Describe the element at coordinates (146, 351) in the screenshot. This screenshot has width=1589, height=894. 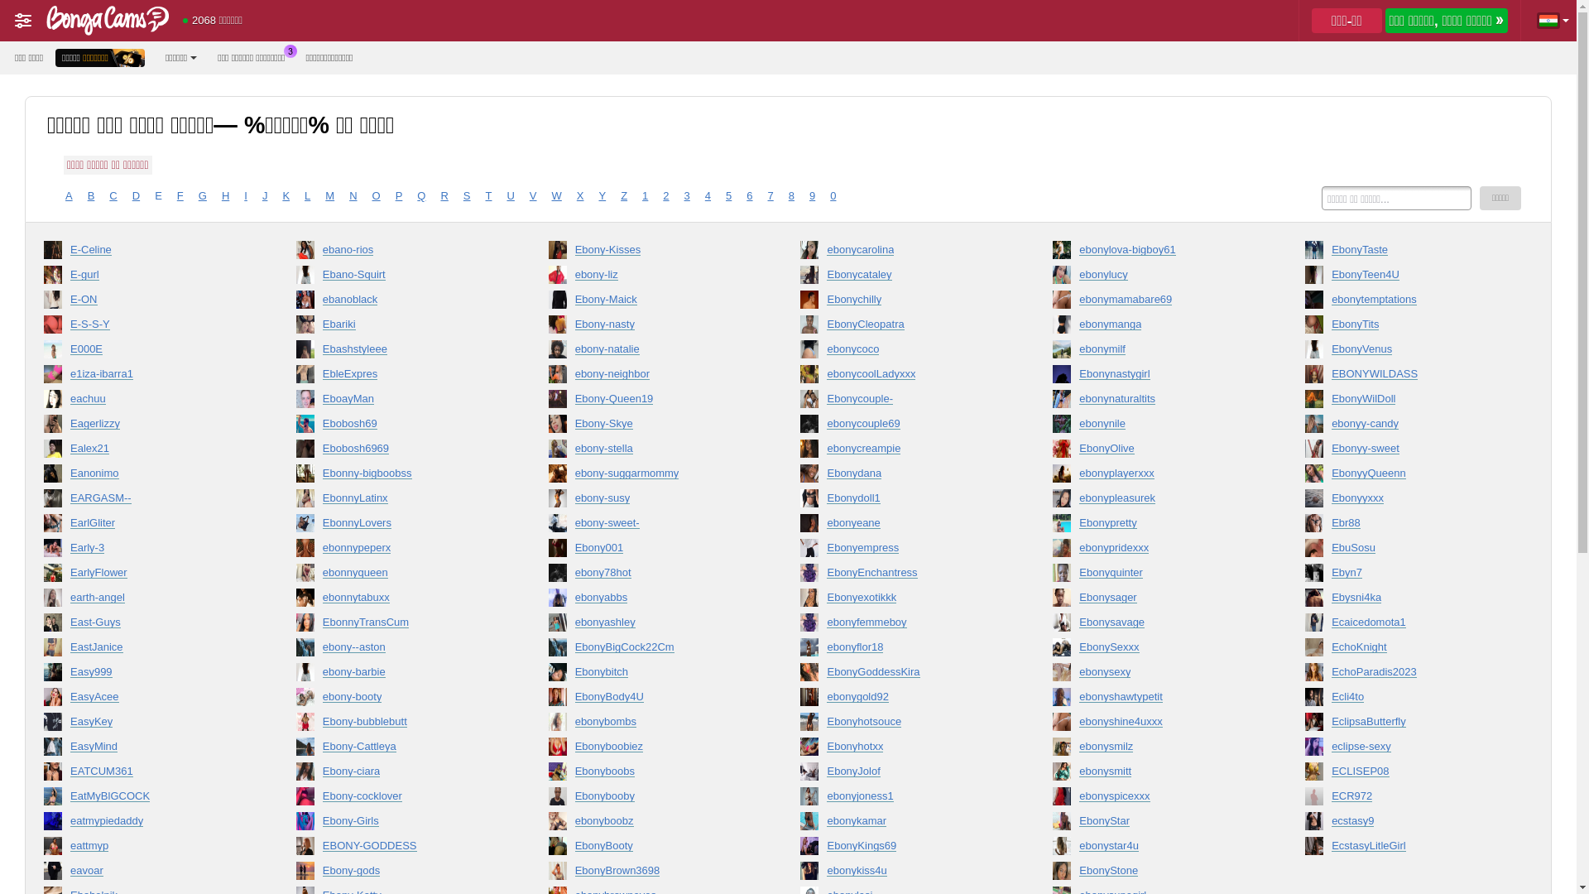
I see `'E000E'` at that location.